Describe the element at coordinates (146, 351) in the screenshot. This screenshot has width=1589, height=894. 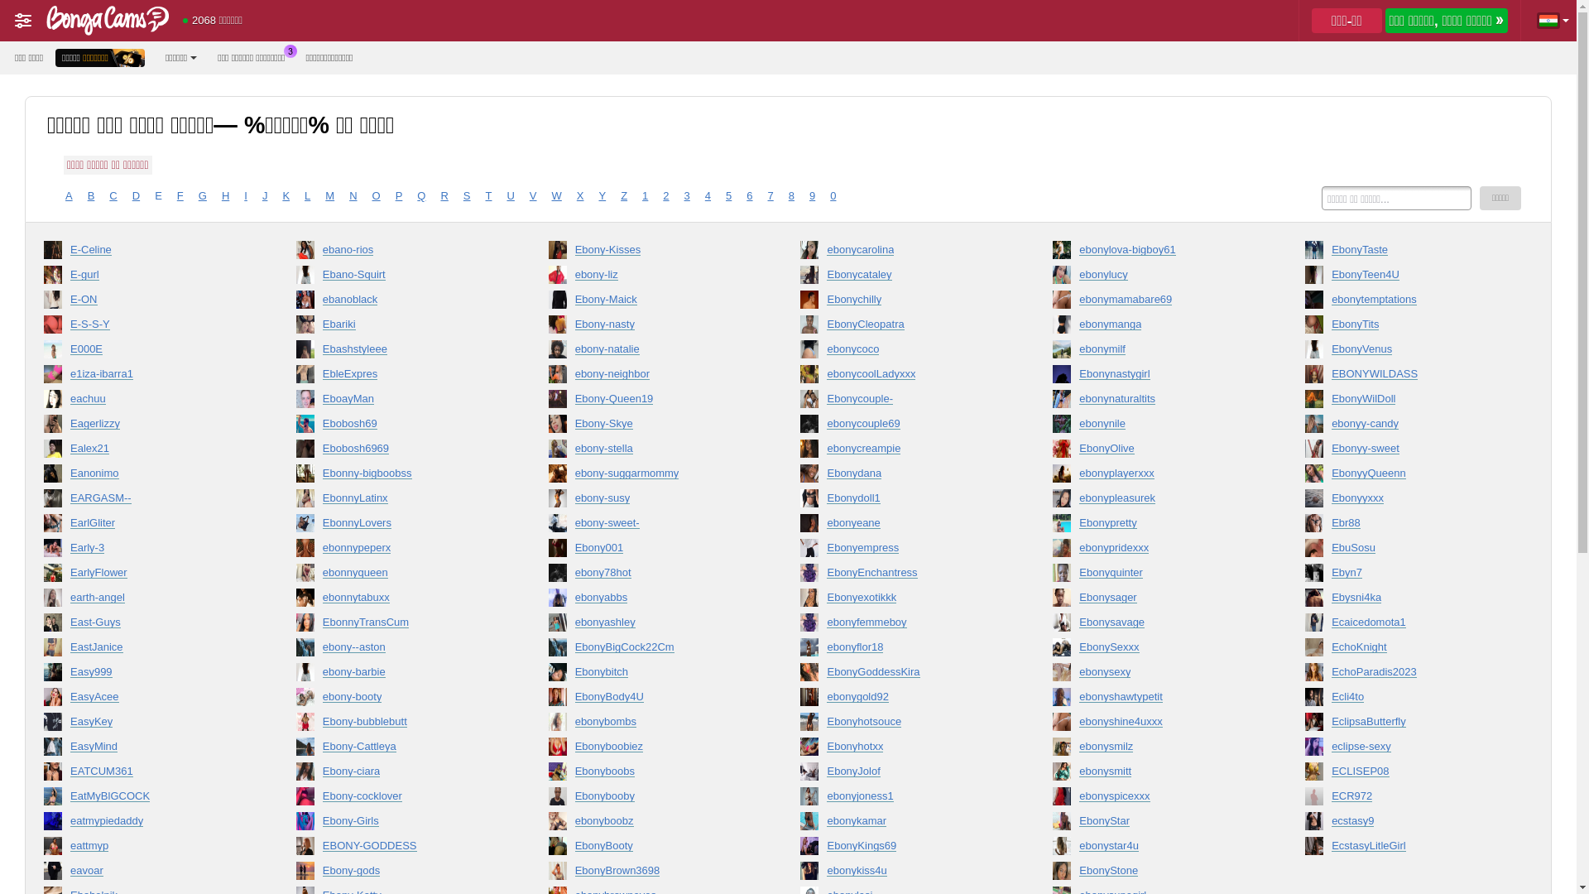
I see `'E000E'` at that location.